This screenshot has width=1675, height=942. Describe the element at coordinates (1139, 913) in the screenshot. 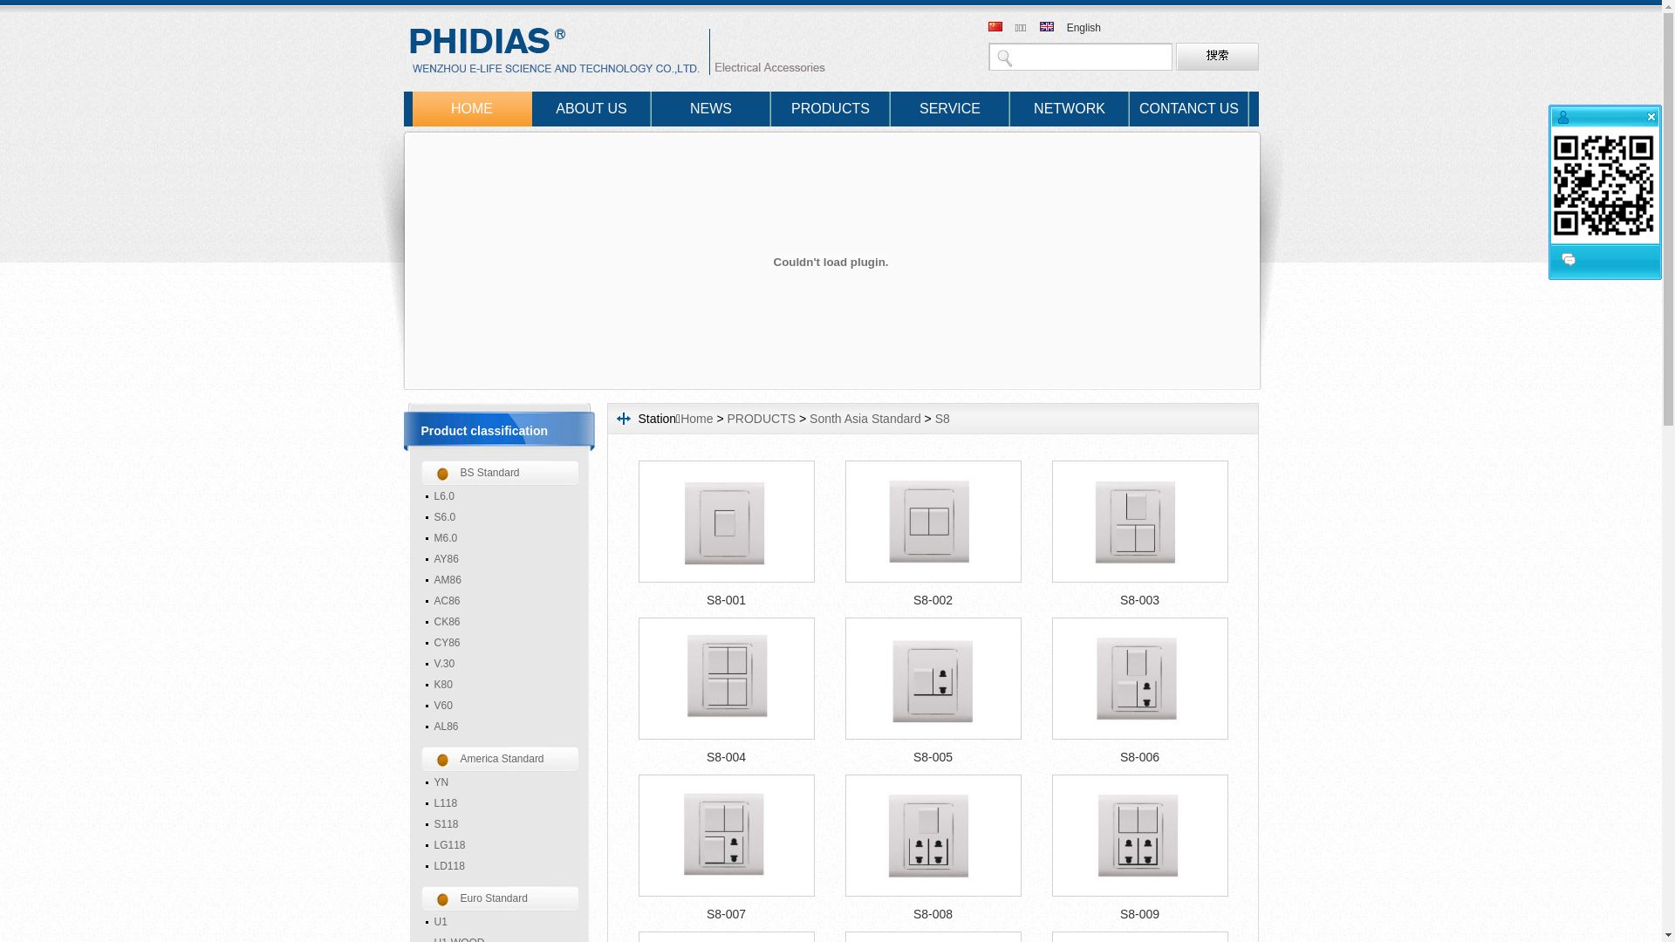

I see `'S8-009'` at that location.